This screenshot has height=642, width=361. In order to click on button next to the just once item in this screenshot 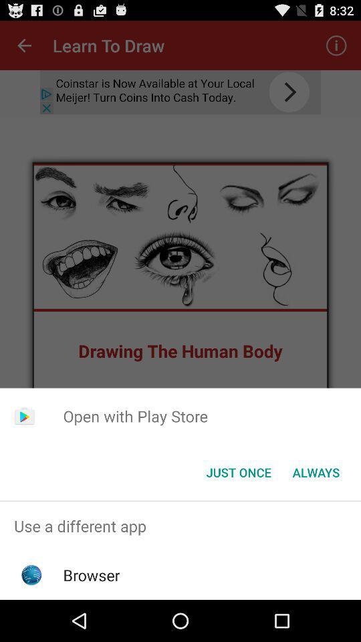, I will do `click(316, 472)`.